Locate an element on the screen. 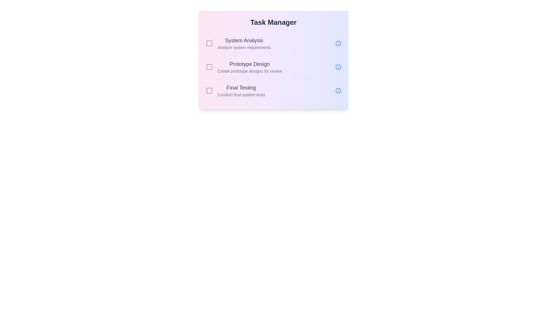  the task with ID 3 is located at coordinates (209, 91).